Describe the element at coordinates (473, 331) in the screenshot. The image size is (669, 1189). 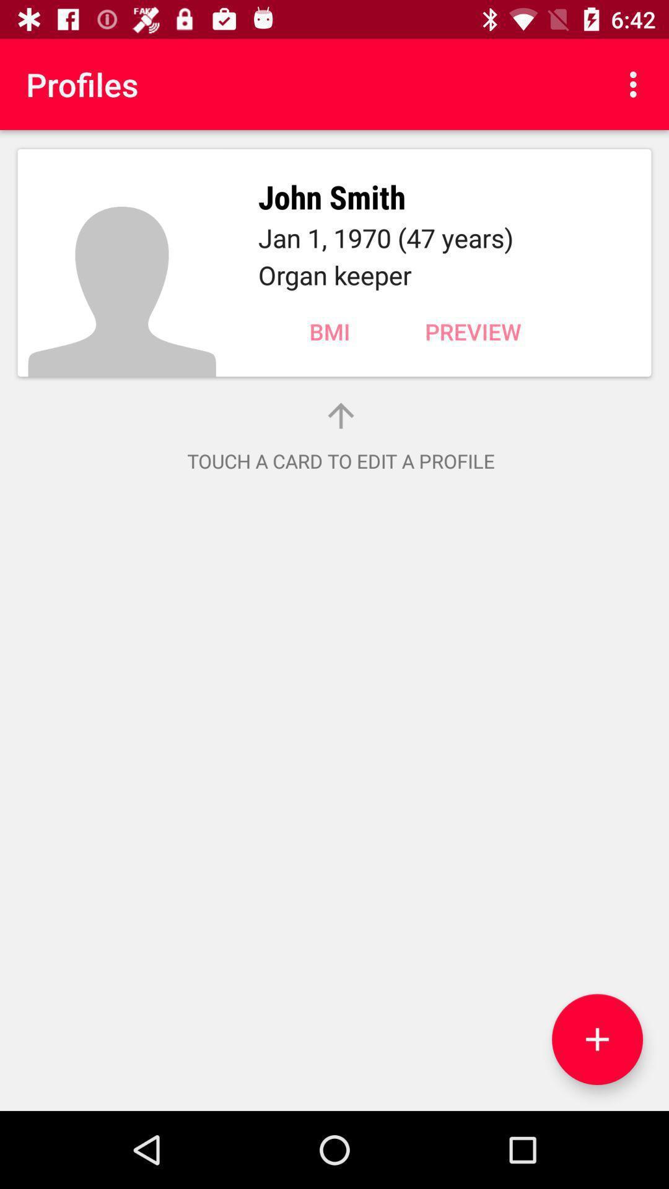
I see `item to the right of bmi` at that location.